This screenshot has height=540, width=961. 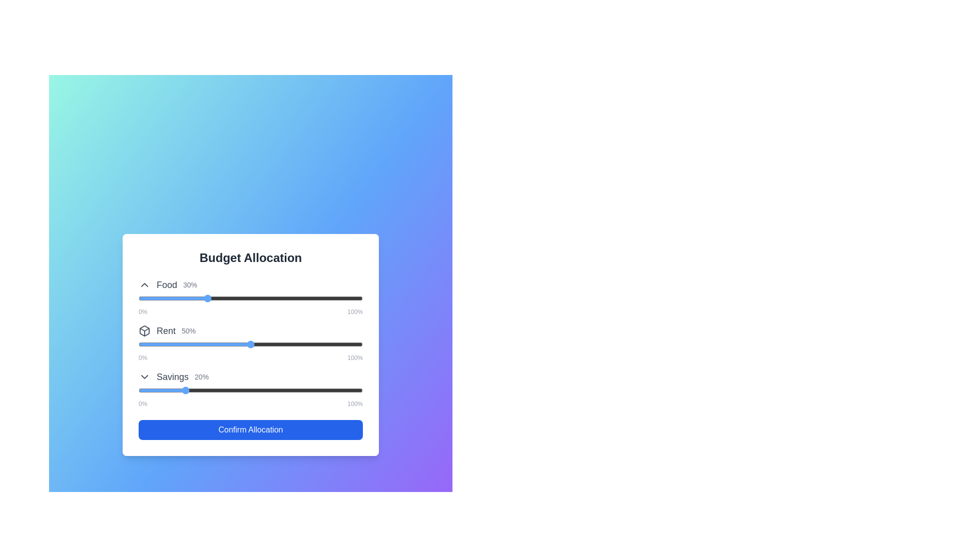 What do you see at coordinates (144, 285) in the screenshot?
I see `the icon representing the Food category` at bounding box center [144, 285].